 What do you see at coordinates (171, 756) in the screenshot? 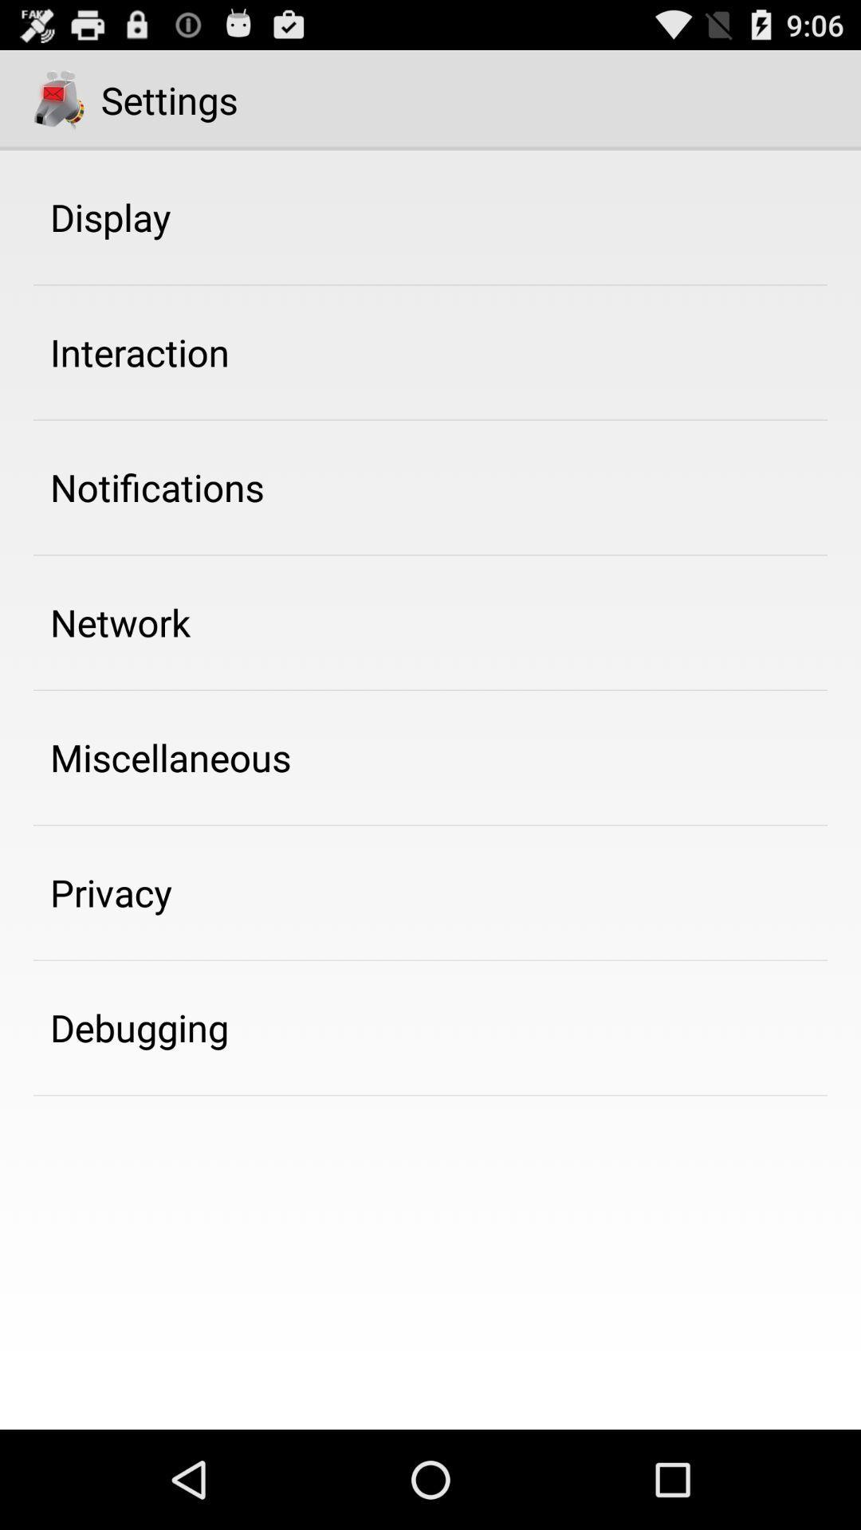
I see `miscellaneous` at bounding box center [171, 756].